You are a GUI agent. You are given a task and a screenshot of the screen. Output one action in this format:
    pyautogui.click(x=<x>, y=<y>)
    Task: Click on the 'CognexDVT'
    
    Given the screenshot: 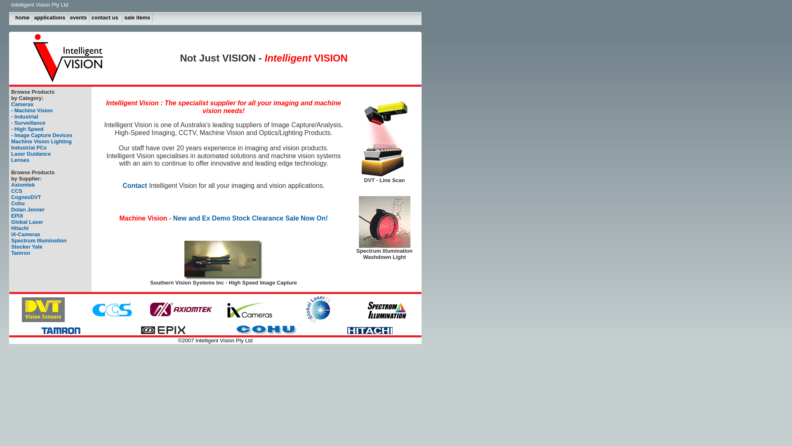 What is the action you would take?
    pyautogui.click(x=26, y=197)
    